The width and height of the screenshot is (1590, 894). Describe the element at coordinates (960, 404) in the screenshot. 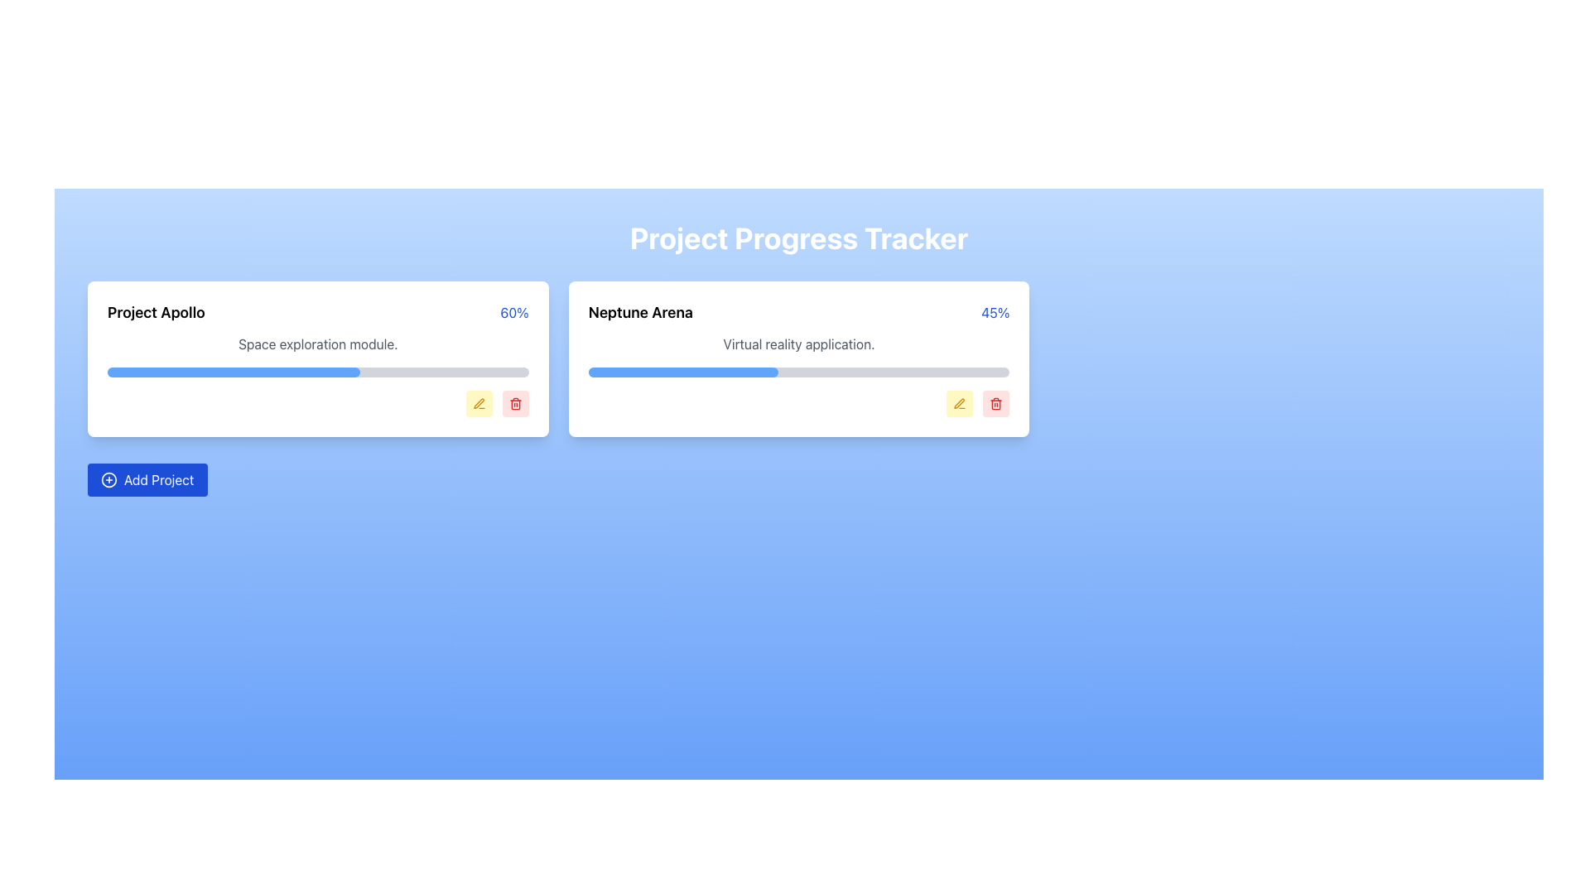

I see `the 'Edit' button represented by a pencil icon located in the bottom-right section of the 'Neptune Arena' card to initiate editing` at that location.